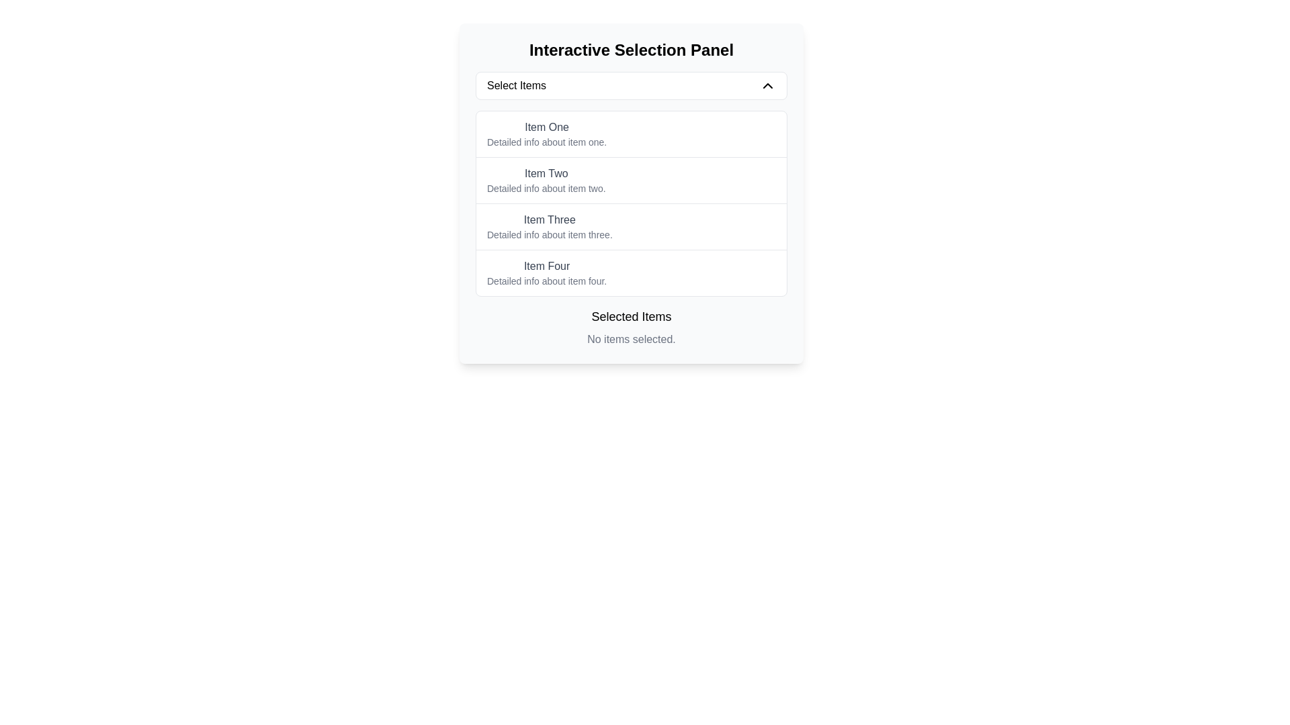  What do you see at coordinates (546, 180) in the screenshot?
I see `the second entry in the selection panel that provides details about 'Item Two.'` at bounding box center [546, 180].